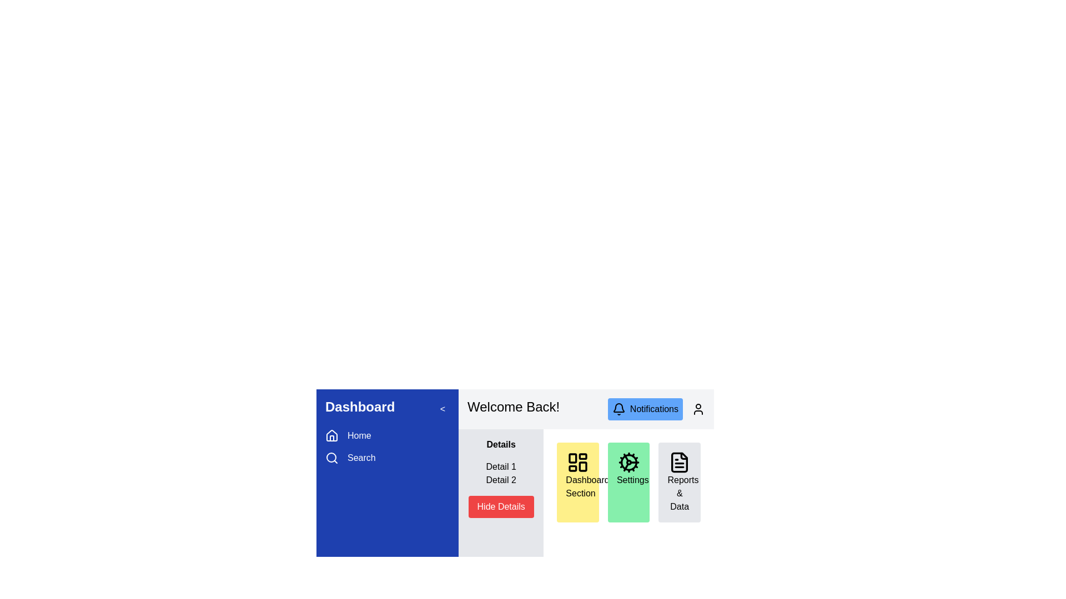 This screenshot has width=1066, height=599. Describe the element at coordinates (656, 409) in the screenshot. I see `the blue rectangular button with a black bell icon and 'Notifications' text` at that location.